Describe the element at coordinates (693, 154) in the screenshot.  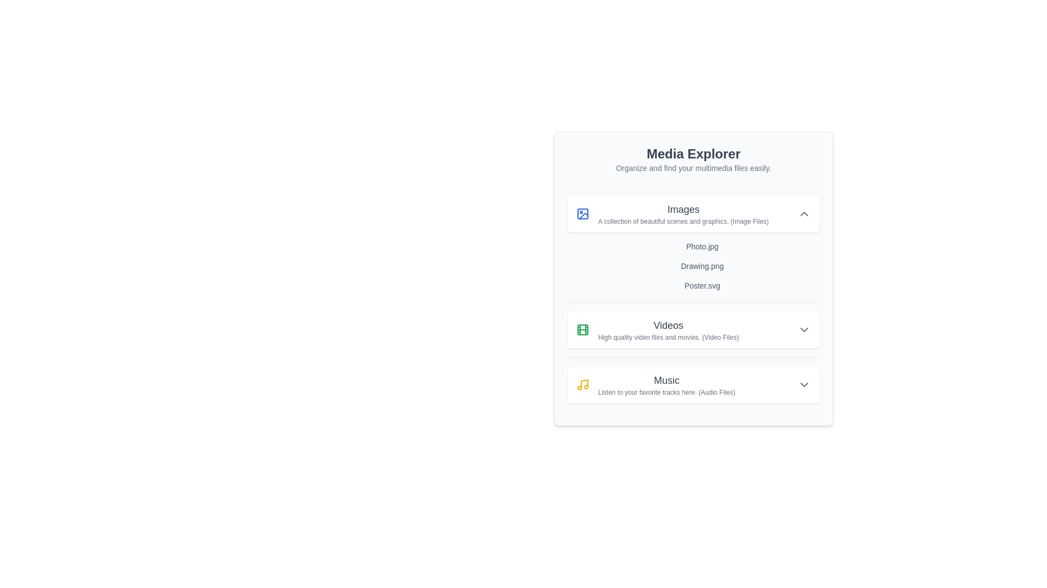
I see `the prominent 'Media Explorer' static text, which is bold and large-sized, styled in gray, and positioned at the top of the interface` at that location.